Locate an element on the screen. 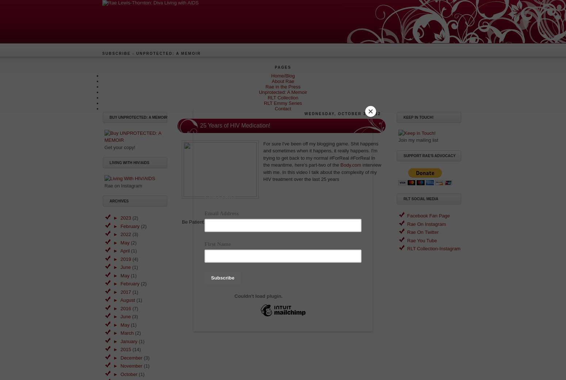 This screenshot has width=566, height=380. '2019' is located at coordinates (126, 259).